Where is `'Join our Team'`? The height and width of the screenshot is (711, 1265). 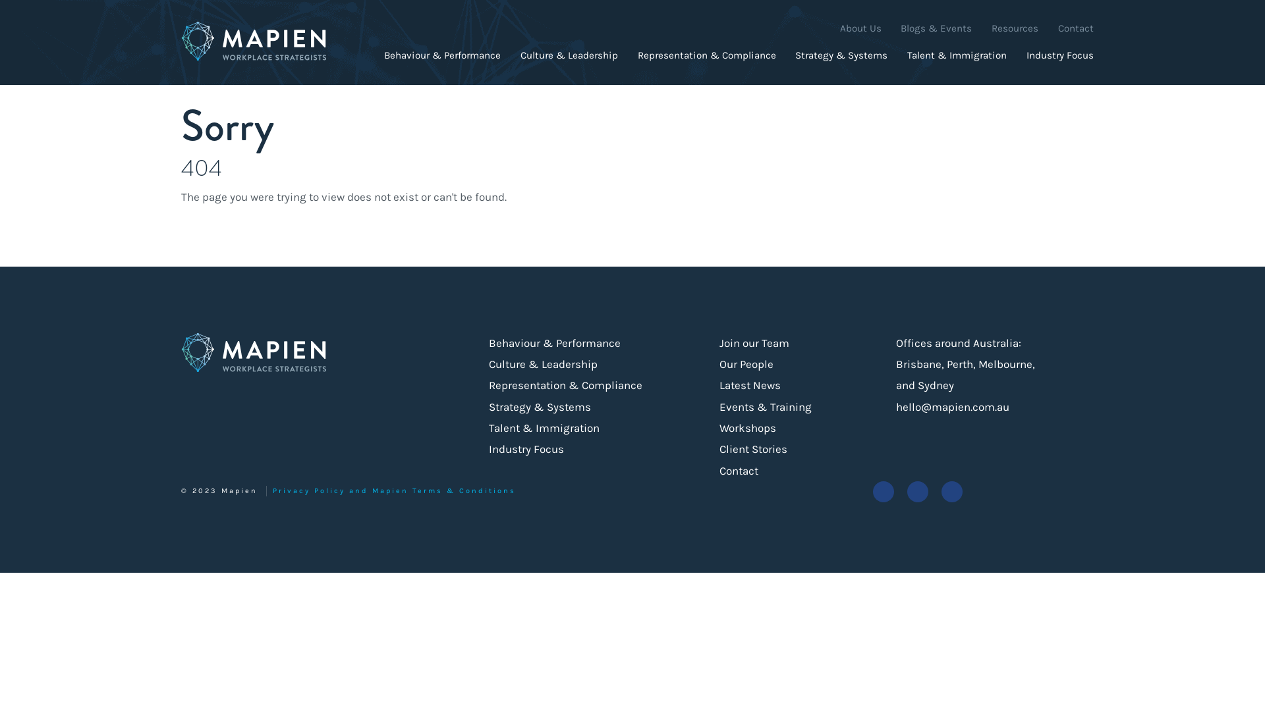 'Join our Team' is located at coordinates (754, 342).